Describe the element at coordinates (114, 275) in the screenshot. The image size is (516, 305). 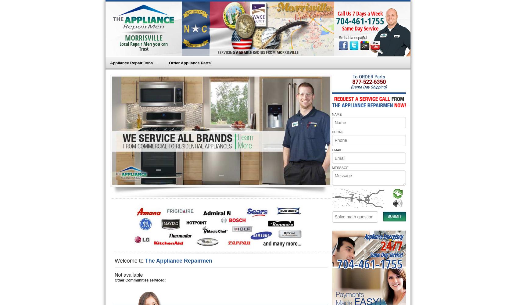
I see `'Not available'` at that location.